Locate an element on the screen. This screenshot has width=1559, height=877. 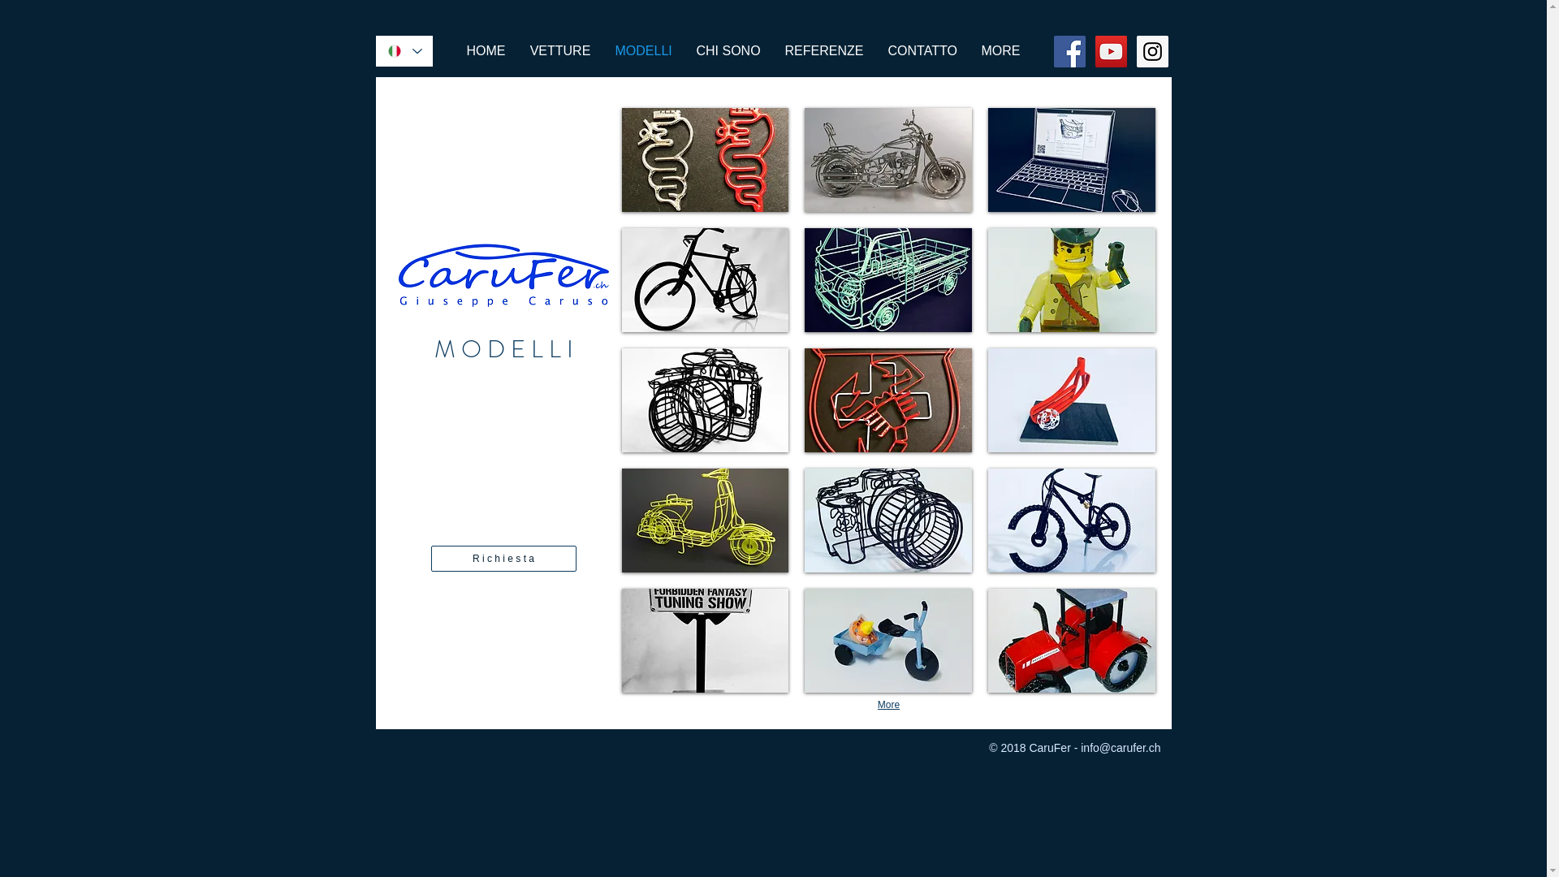
'CHI SONO' is located at coordinates (727, 50).